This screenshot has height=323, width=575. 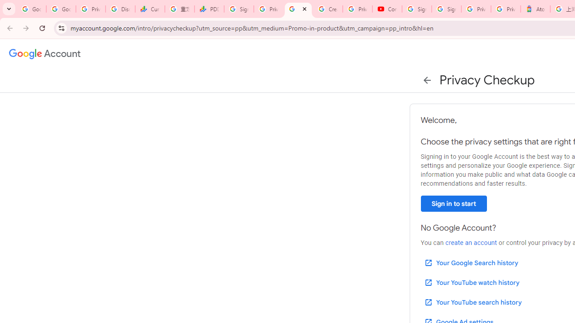 I want to click on 'Atour Hotel - Google hotels', so click(x=535, y=9).